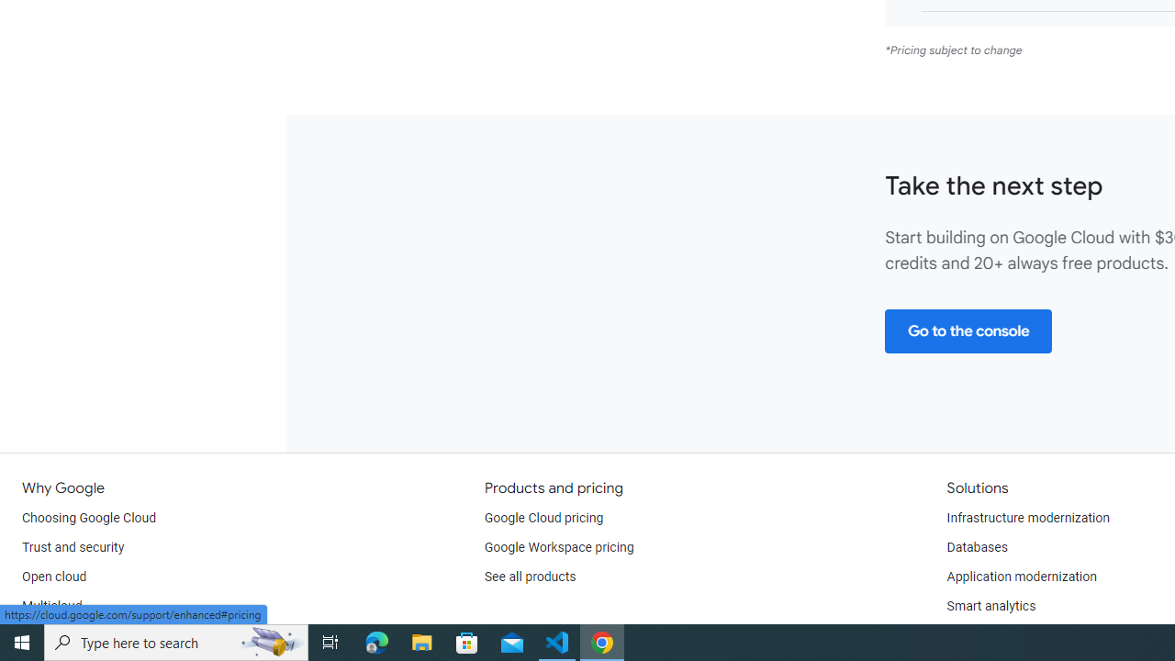 This screenshot has height=661, width=1175. Describe the element at coordinates (543, 518) in the screenshot. I see `'Google Cloud pricing'` at that location.